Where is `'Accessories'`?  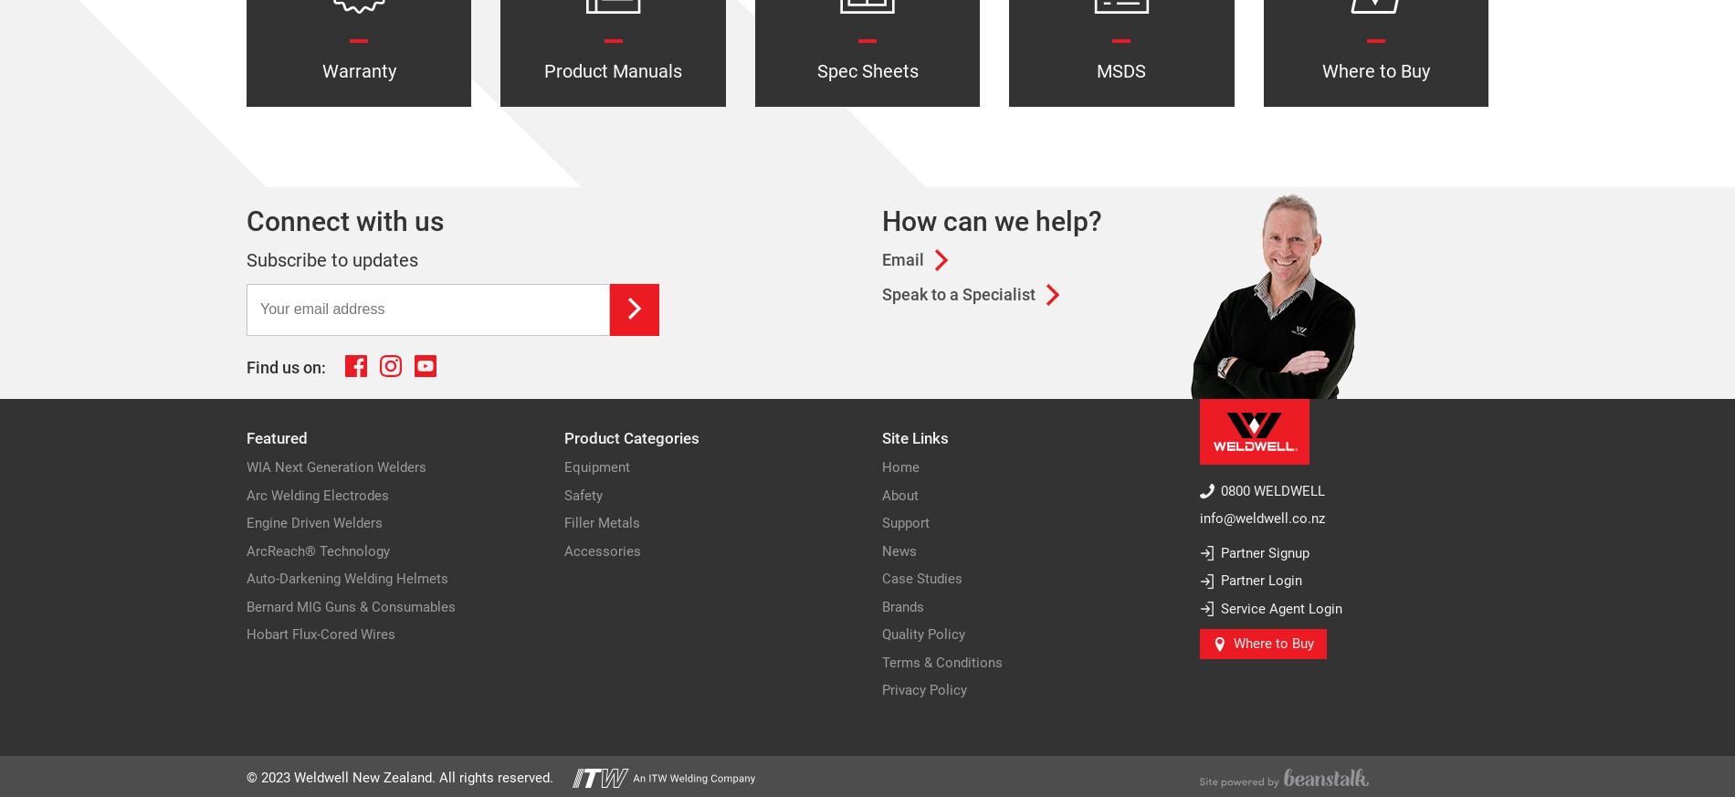 'Accessories' is located at coordinates (603, 549).